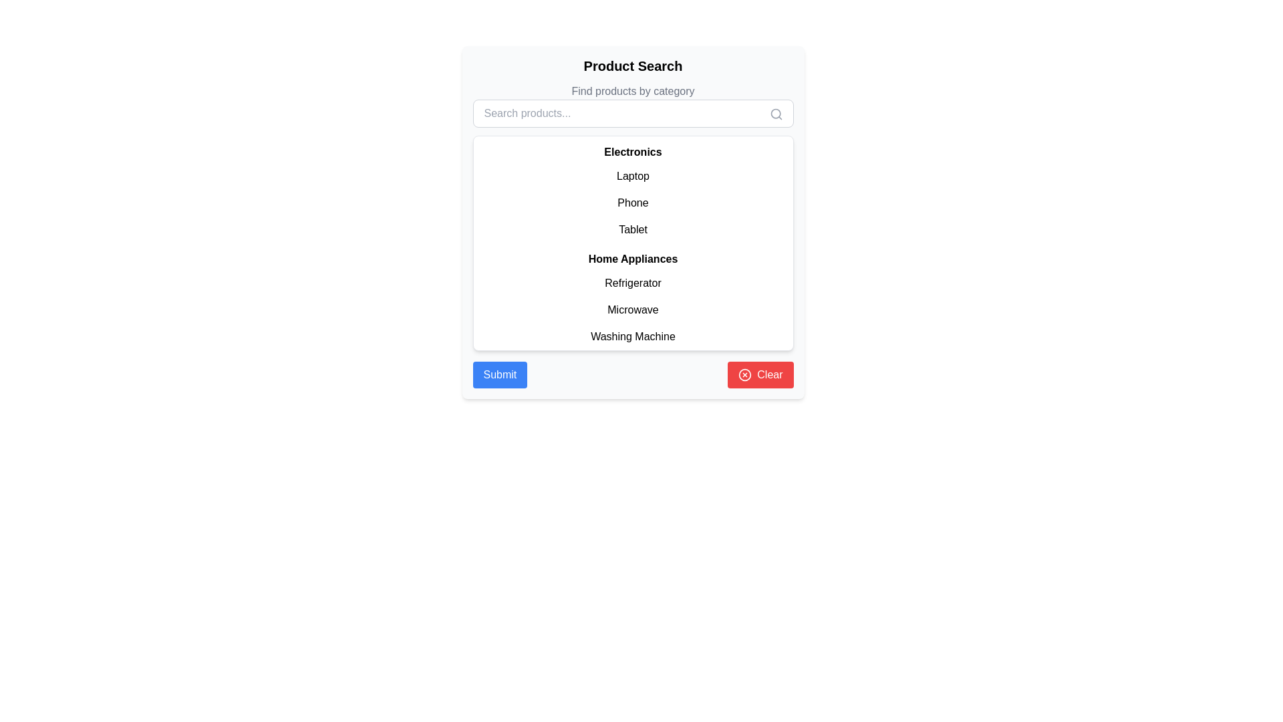 Image resolution: width=1283 pixels, height=722 pixels. What do you see at coordinates (632, 175) in the screenshot?
I see `the 'Laptop' item in the category selection list under the 'Electronics' heading` at bounding box center [632, 175].